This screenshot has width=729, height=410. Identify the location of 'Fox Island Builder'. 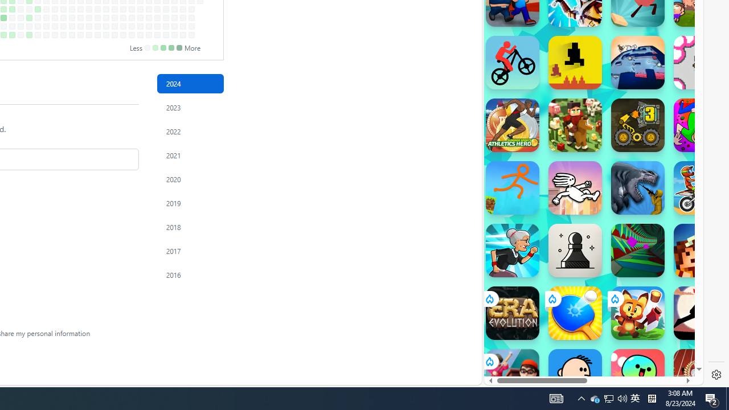
(638, 313).